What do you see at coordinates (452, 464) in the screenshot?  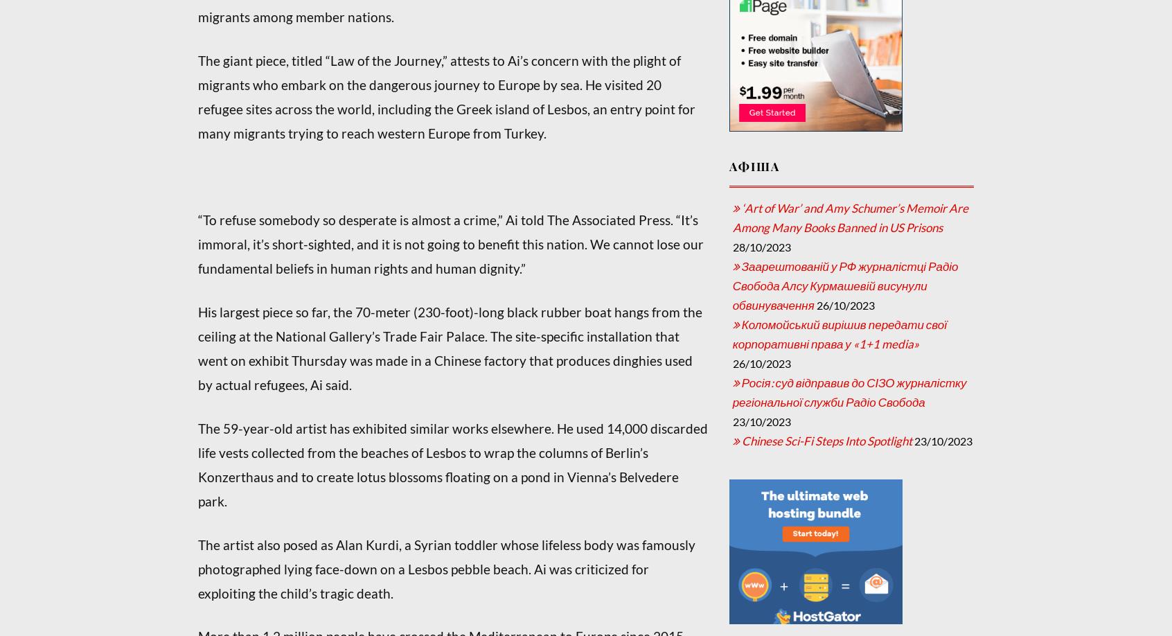 I see `'The 59-year-old artist has exhibited similar works elsewhere. He used 14,000 discarded life vests collected from the beaches of Lesbos to wrap the columns of Berlin’s Konzerthaus and to create lotus blossoms floating on a pond in Vienna’s Belvedere park.'` at bounding box center [452, 464].